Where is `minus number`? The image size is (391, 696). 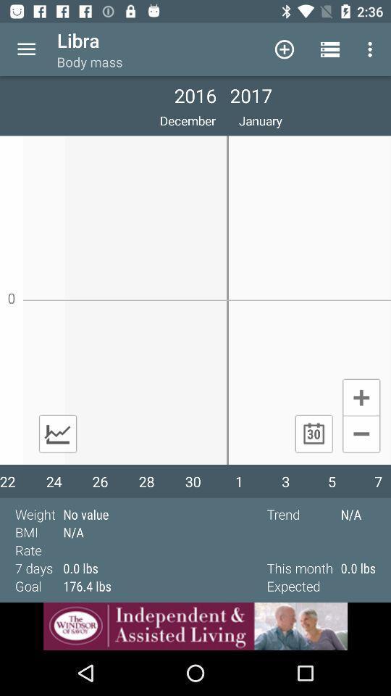 minus number is located at coordinates (361, 435).